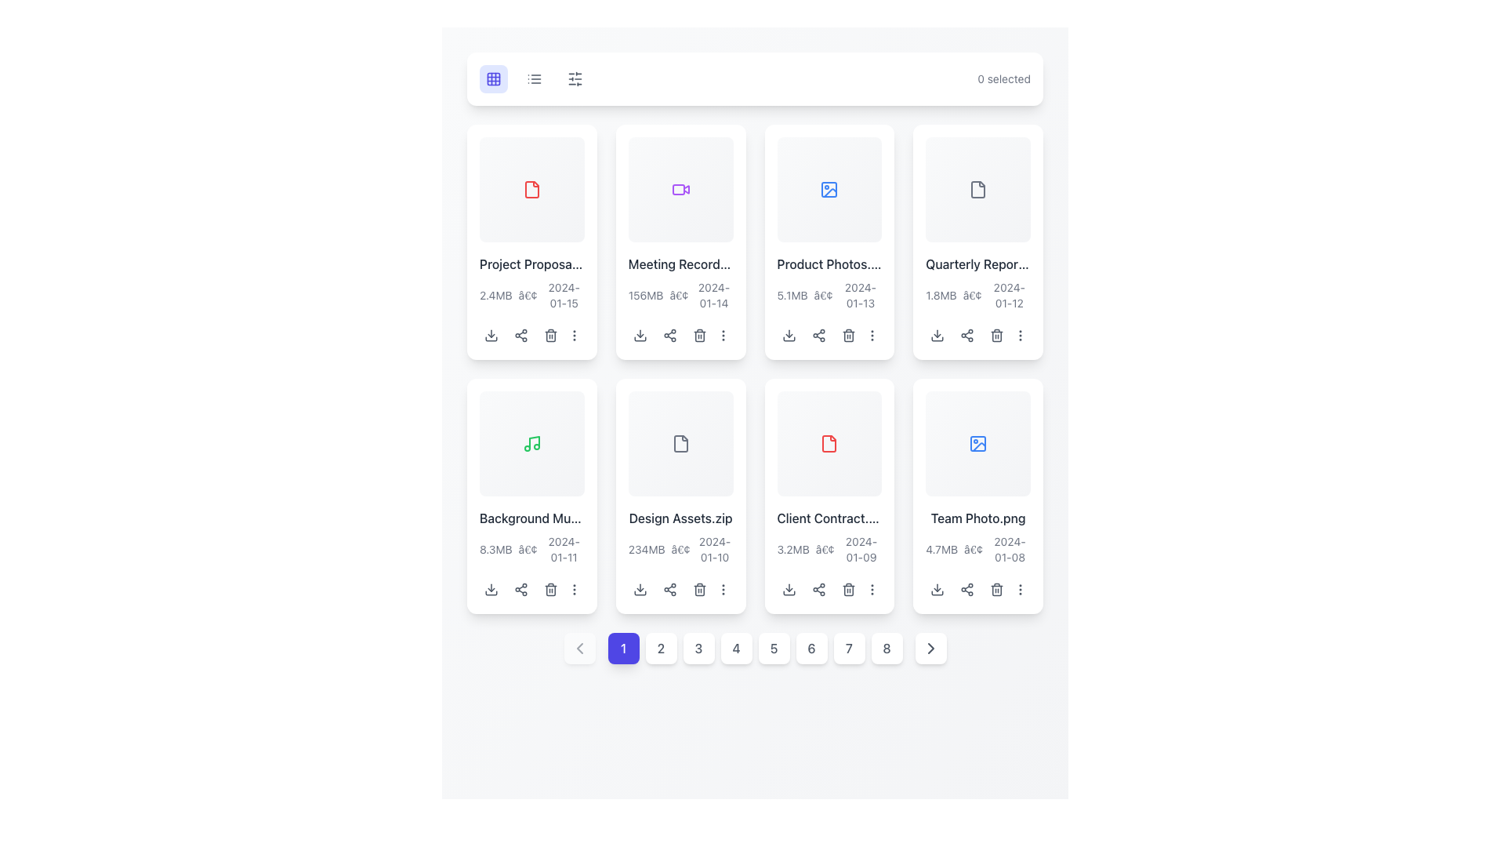  What do you see at coordinates (966, 589) in the screenshot?
I see `the share button located in the bottom-right corner of the 'Team Photo.png' card, positioned between the download button and the trash button` at bounding box center [966, 589].